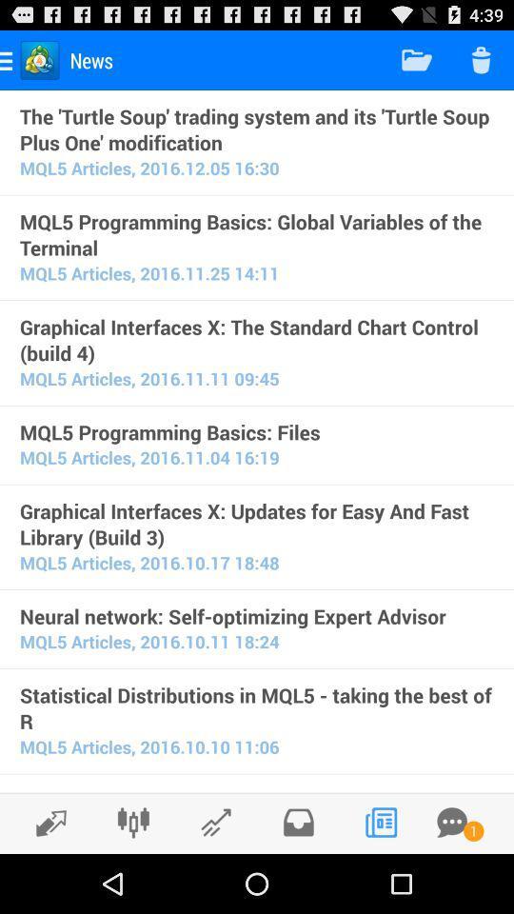 This screenshot has width=514, height=914. I want to click on the the turtle soup item, so click(257, 128).